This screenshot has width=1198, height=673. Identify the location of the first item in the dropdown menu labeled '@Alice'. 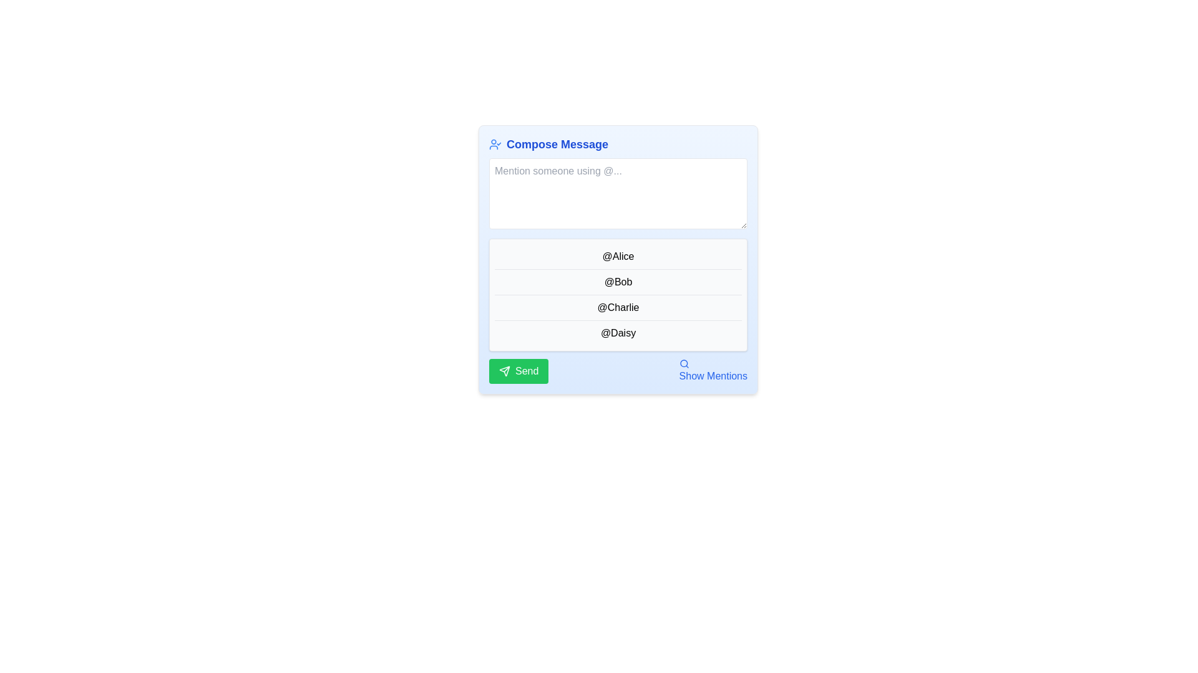
(618, 256).